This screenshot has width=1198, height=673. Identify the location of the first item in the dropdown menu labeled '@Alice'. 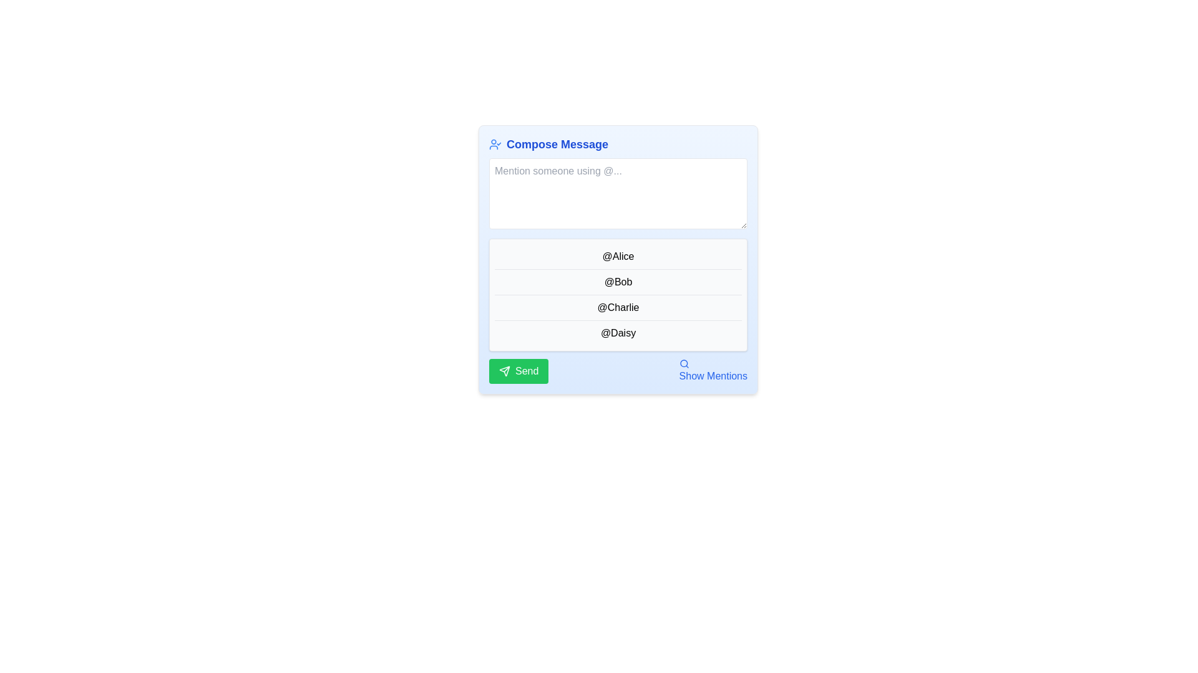
(618, 256).